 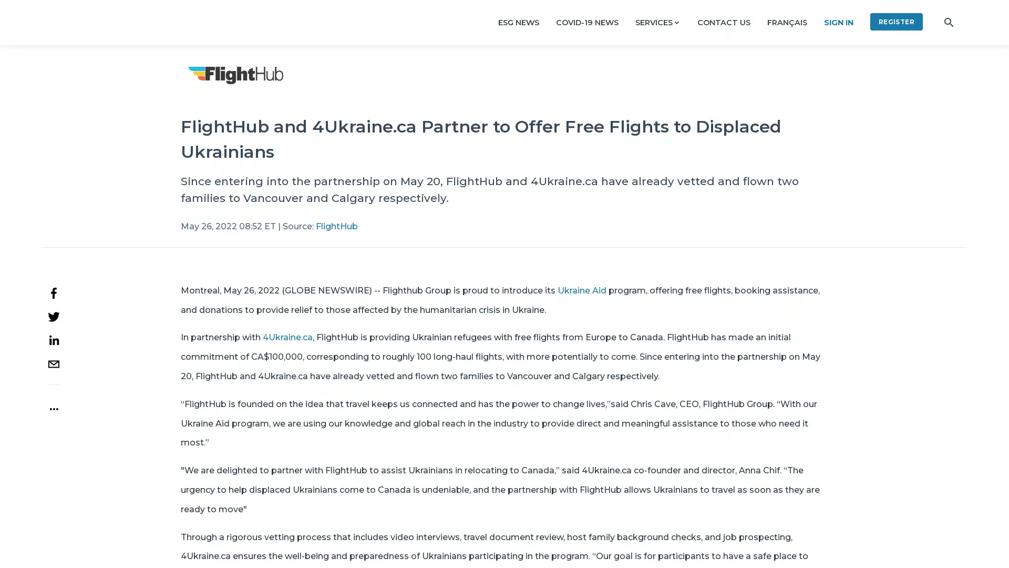 I want to click on linkedin, so click(x=53, y=340).